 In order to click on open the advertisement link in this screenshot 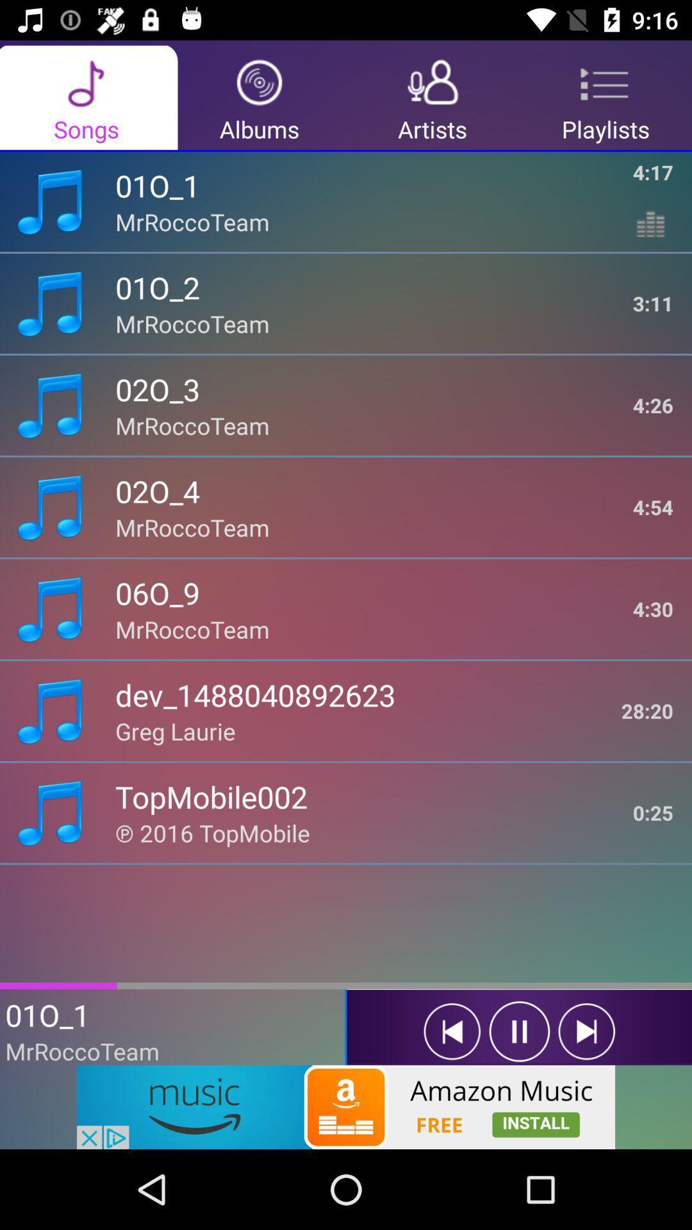, I will do `click(346, 1106)`.